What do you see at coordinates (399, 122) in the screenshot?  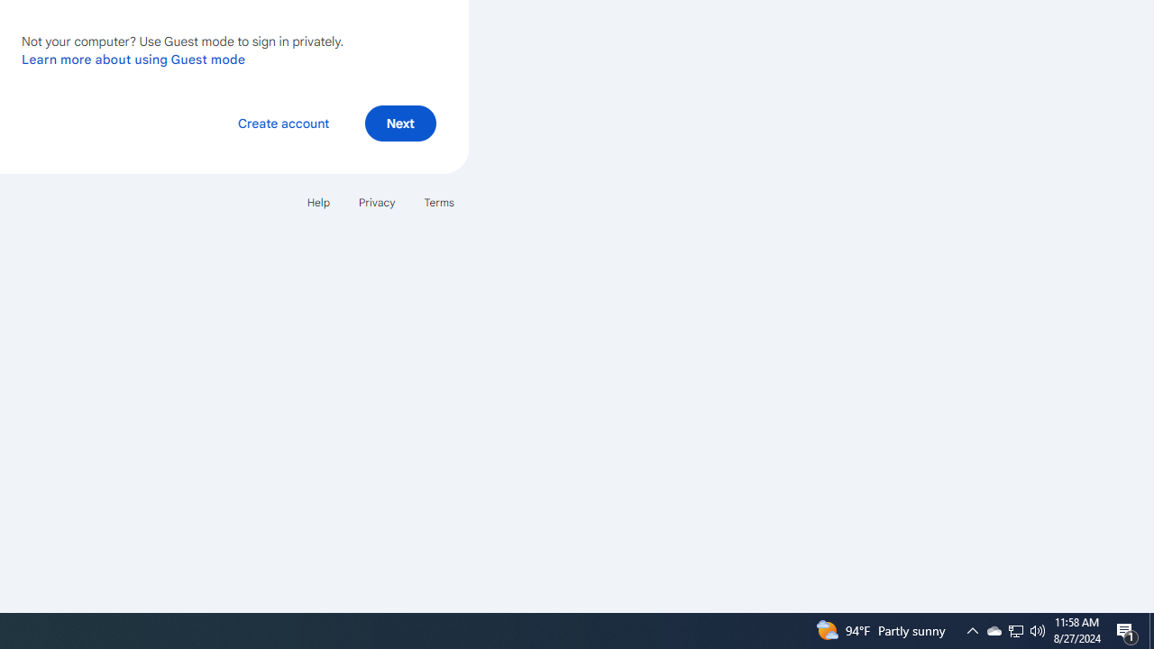 I see `'Next'` at bounding box center [399, 122].